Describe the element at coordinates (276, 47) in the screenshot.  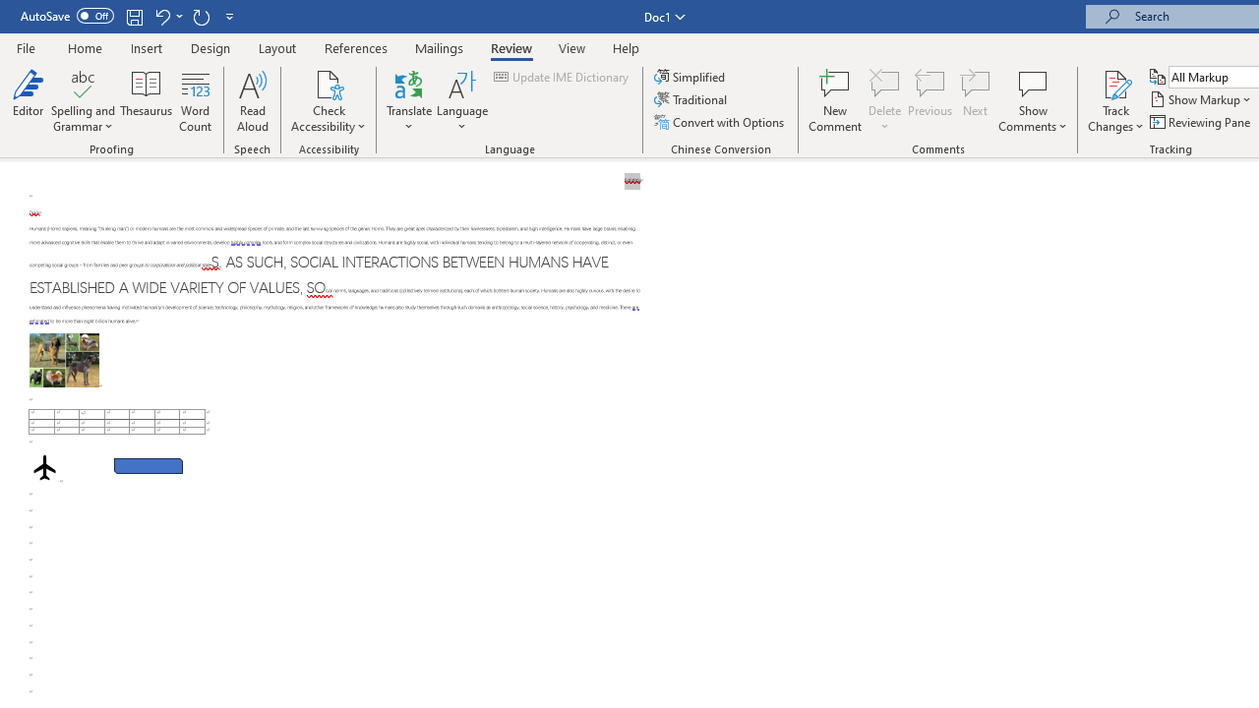
I see `'Layout'` at that location.